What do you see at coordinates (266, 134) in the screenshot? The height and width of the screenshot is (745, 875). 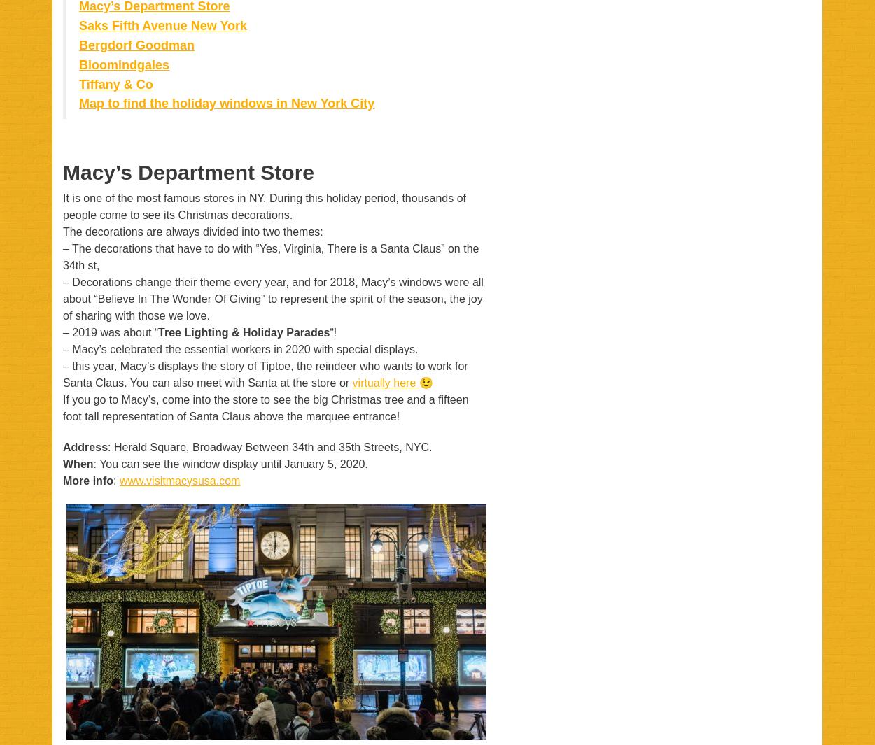 I see `'Are the windows usually decorated by the weekend before Thanksgiving?'` at bounding box center [266, 134].